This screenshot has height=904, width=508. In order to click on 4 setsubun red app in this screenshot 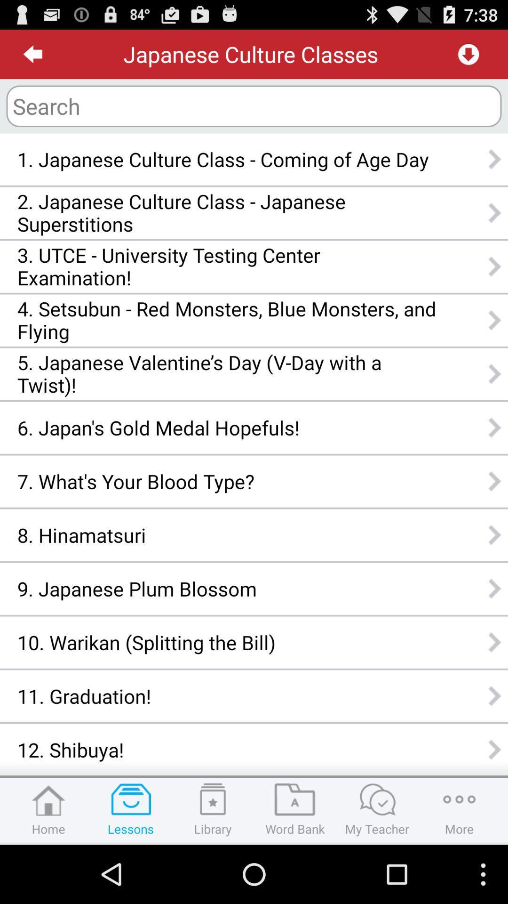, I will do `click(227, 320)`.